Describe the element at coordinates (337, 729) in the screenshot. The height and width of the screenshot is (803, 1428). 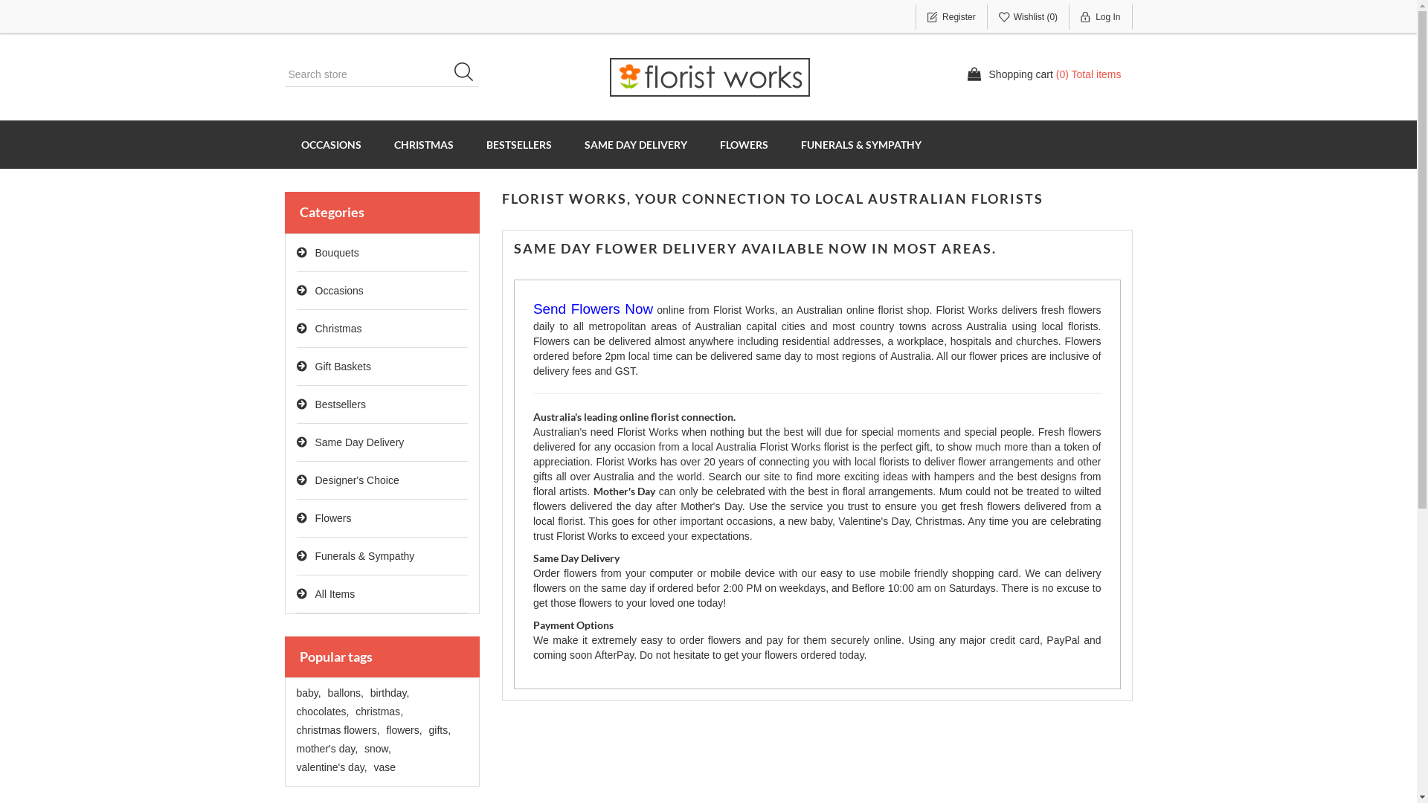
I see `'christmas flowers,'` at that location.